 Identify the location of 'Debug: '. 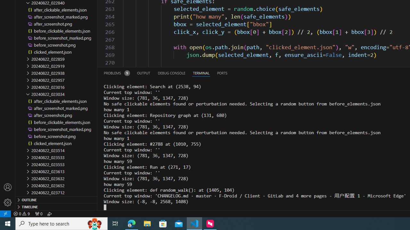
(49, 213).